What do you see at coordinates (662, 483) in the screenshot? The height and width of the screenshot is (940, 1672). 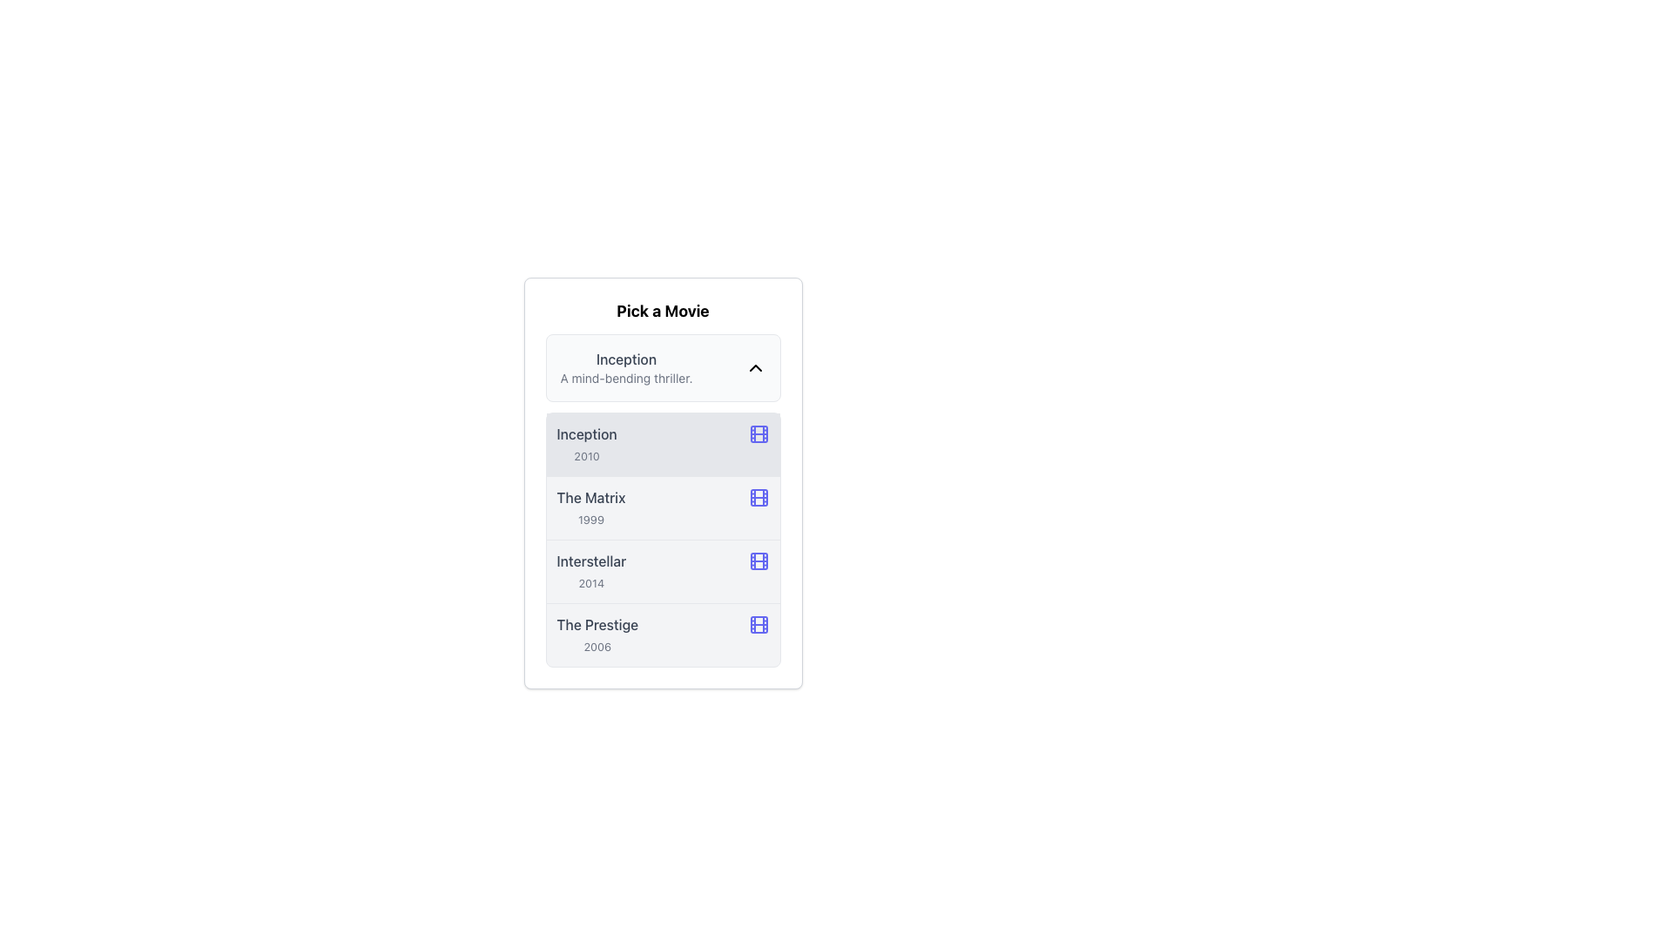 I see `the second list item under 'Pick a Movie'` at bounding box center [662, 483].